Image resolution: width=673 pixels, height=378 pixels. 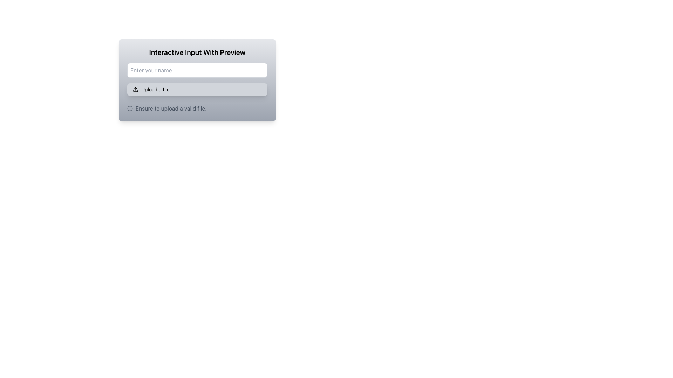 I want to click on the circular 'info' icon located to the left of the text 'Ensure to upload a valid file.', so click(x=130, y=108).